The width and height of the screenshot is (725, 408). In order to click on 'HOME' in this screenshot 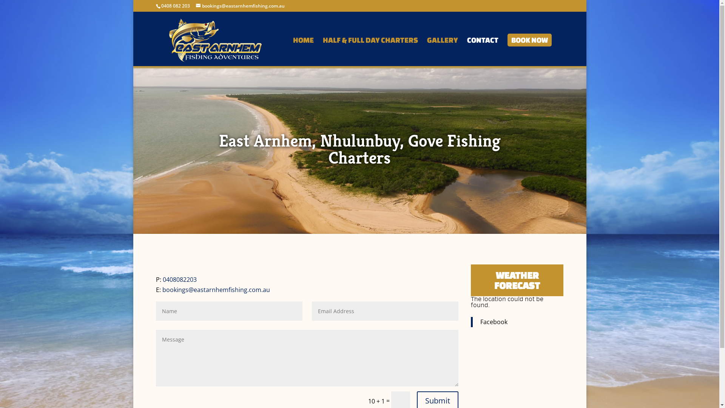, I will do `click(303, 51)`.